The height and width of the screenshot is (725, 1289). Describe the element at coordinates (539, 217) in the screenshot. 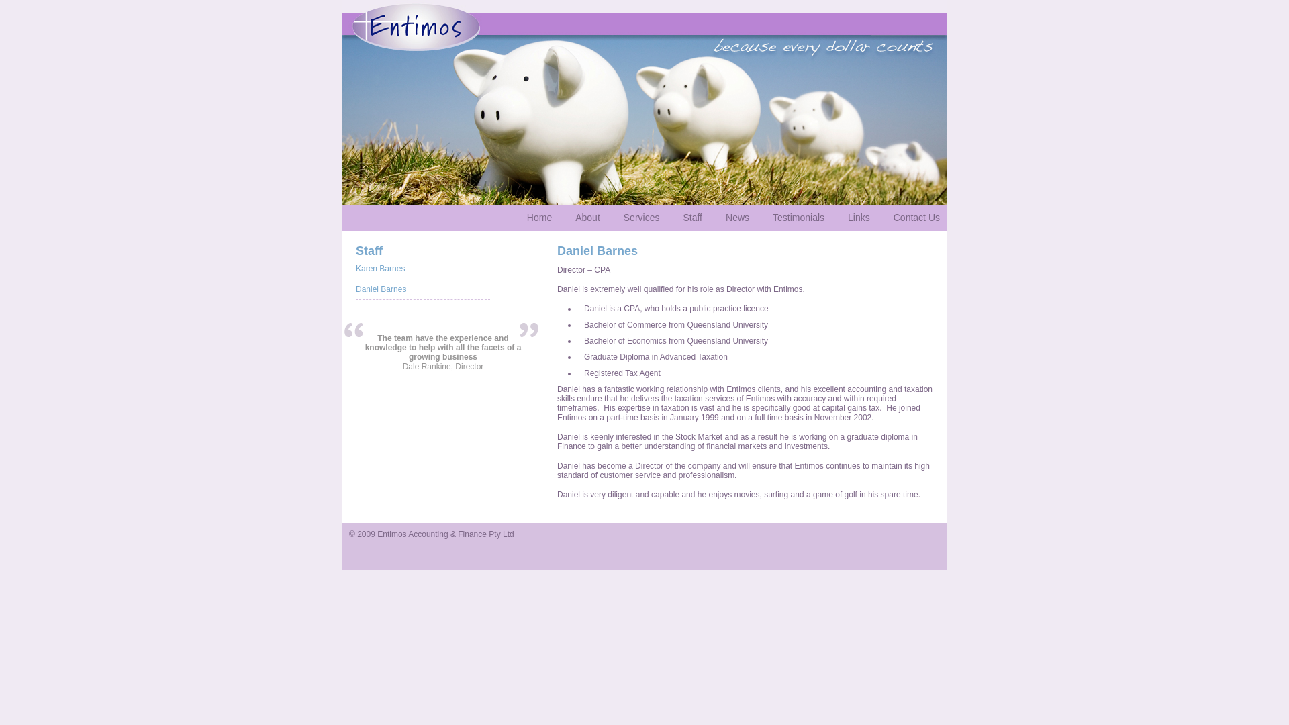

I see `'Home'` at that location.